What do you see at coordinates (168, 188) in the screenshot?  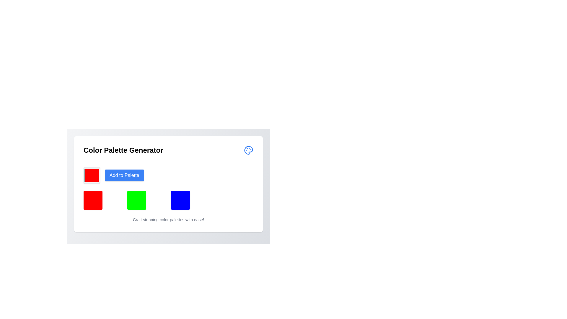 I see `to select the color represented by the third square color block in the palette generator, which is positioned between the green block and an empty space` at bounding box center [168, 188].